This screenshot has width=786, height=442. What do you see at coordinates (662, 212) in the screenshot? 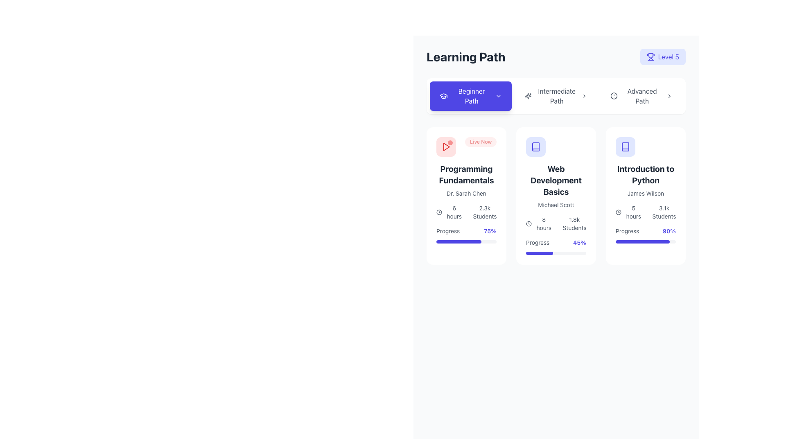
I see `the text label indicating the number of students enrolled in the 'Introduction to Python' course located in the bottom-right corner of the course card` at bounding box center [662, 212].